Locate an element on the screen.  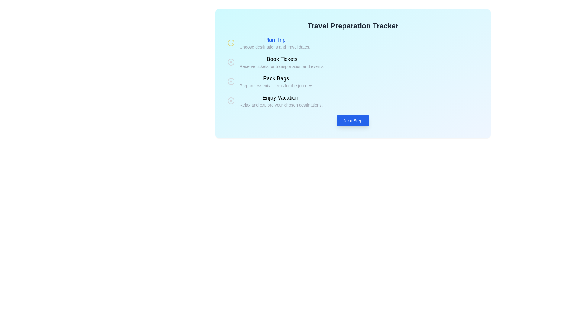
the circular graphical shape located under the 'Book Tickets' text, which has a diameter of approximately 20 units is located at coordinates (230, 62).